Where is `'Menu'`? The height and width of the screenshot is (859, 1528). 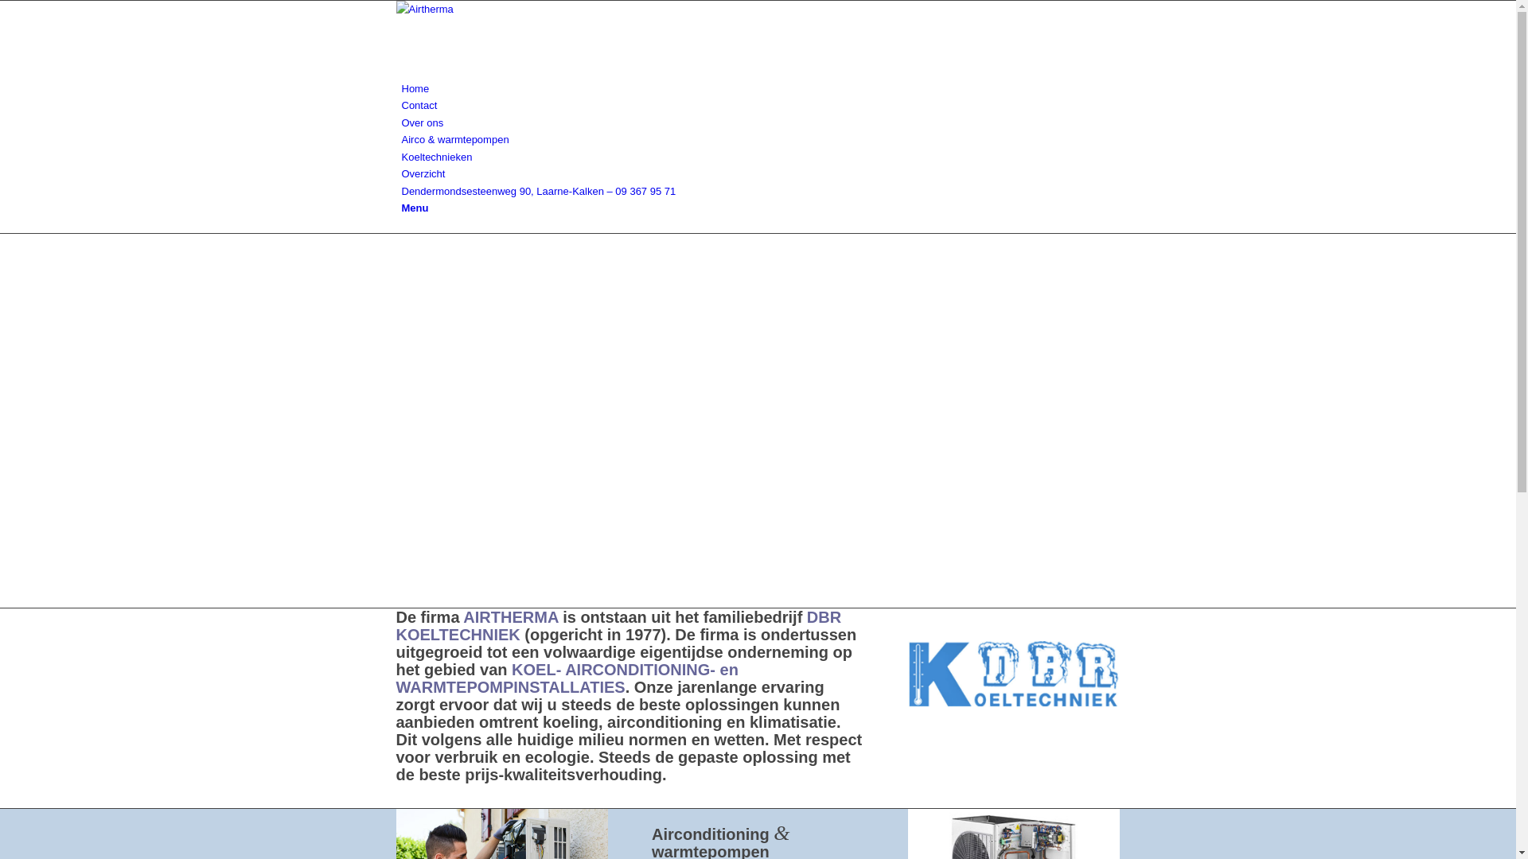
'Menu' is located at coordinates (415, 207).